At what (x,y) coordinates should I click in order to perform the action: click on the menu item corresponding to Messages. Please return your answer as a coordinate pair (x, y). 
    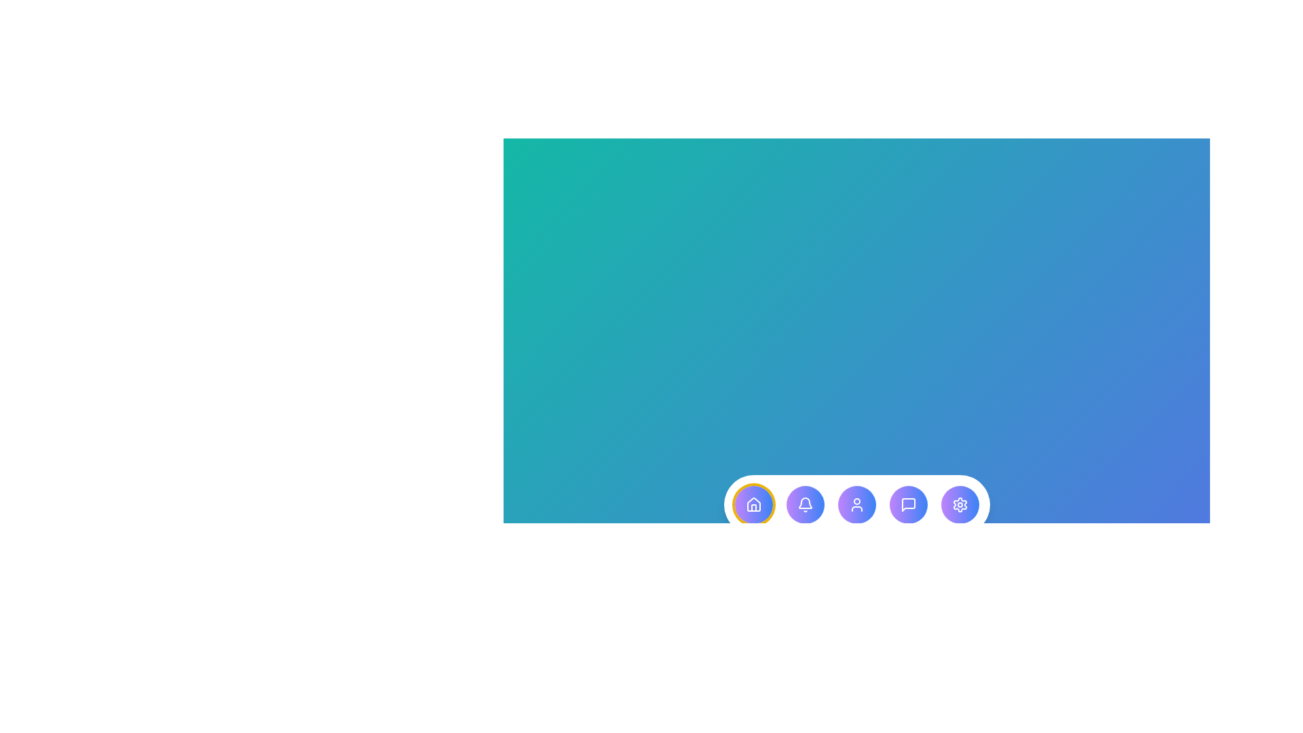
    Looking at the image, I should click on (908, 505).